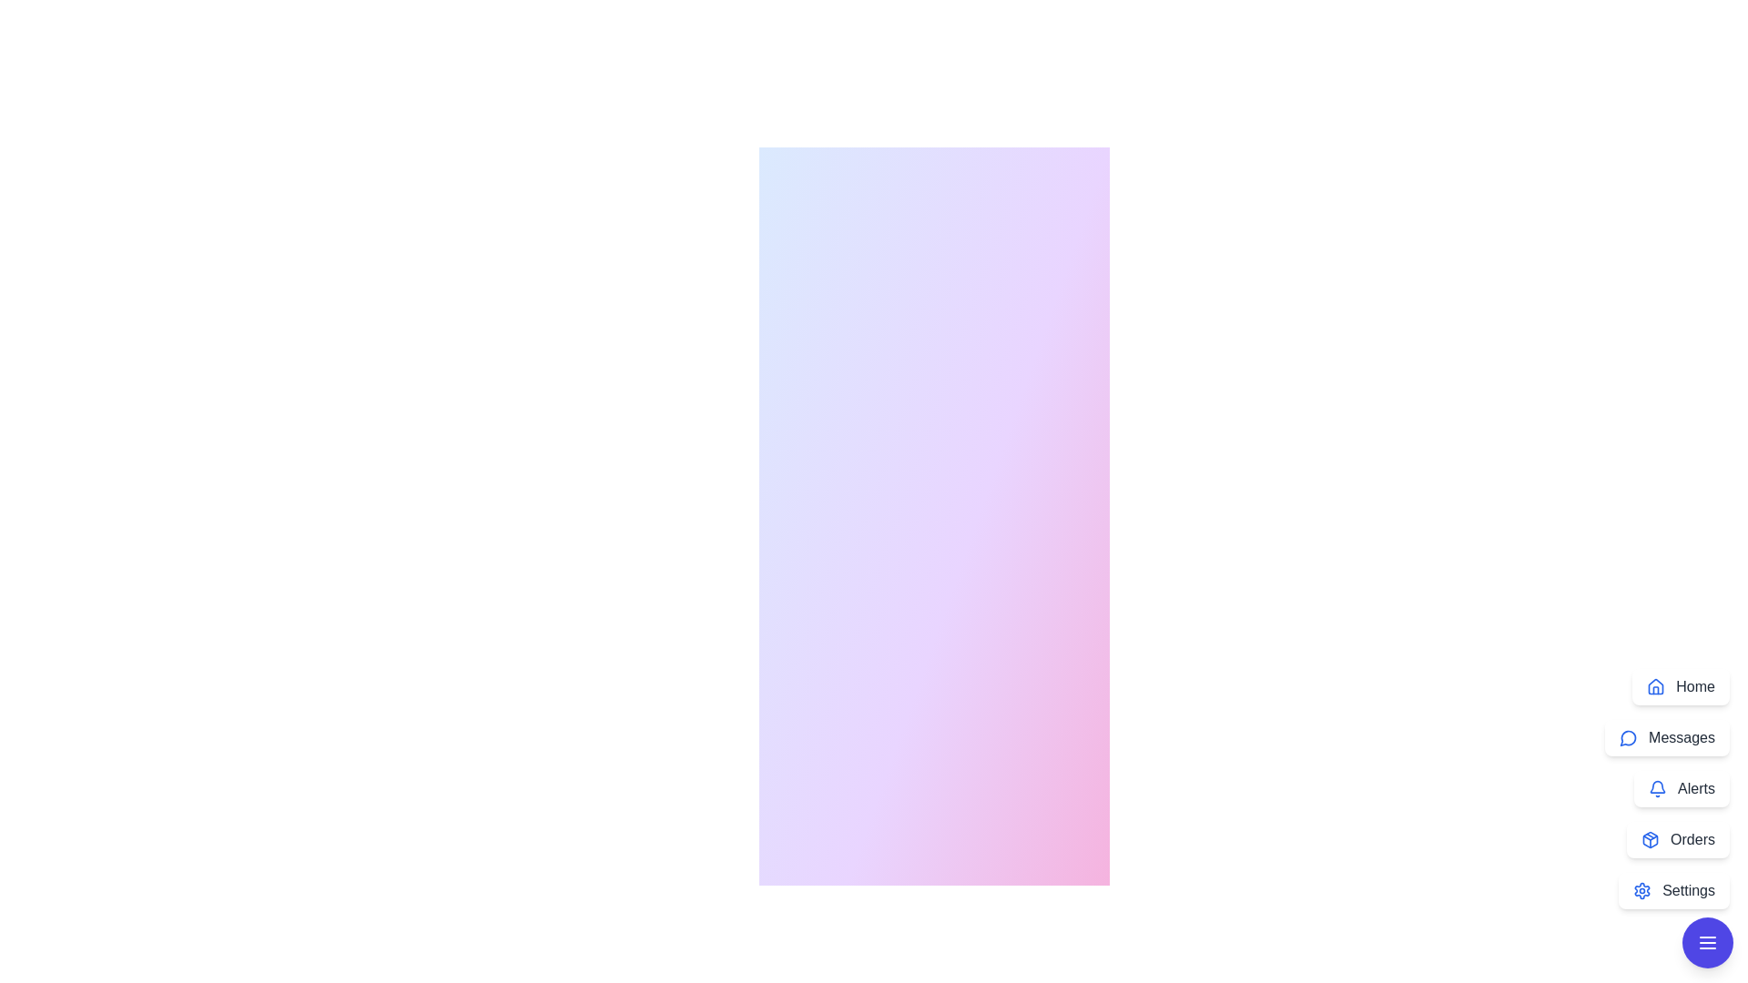 The height and width of the screenshot is (983, 1748). I want to click on the floating action menu button to toggle the menu visibility, so click(1707, 942).